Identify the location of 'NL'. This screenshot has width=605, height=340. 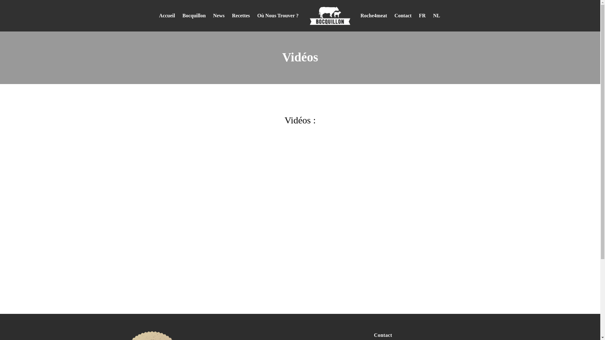
(436, 15).